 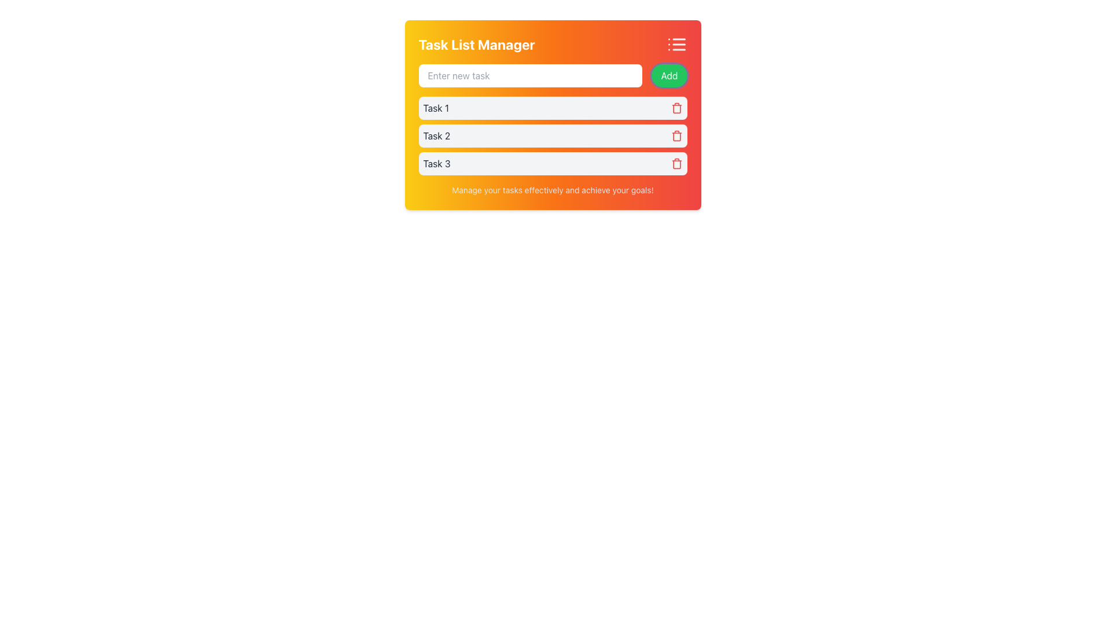 What do you see at coordinates (436, 135) in the screenshot?
I see `the text label displaying the title of the second task in the task list, located in the 'Task List Manager' section` at bounding box center [436, 135].